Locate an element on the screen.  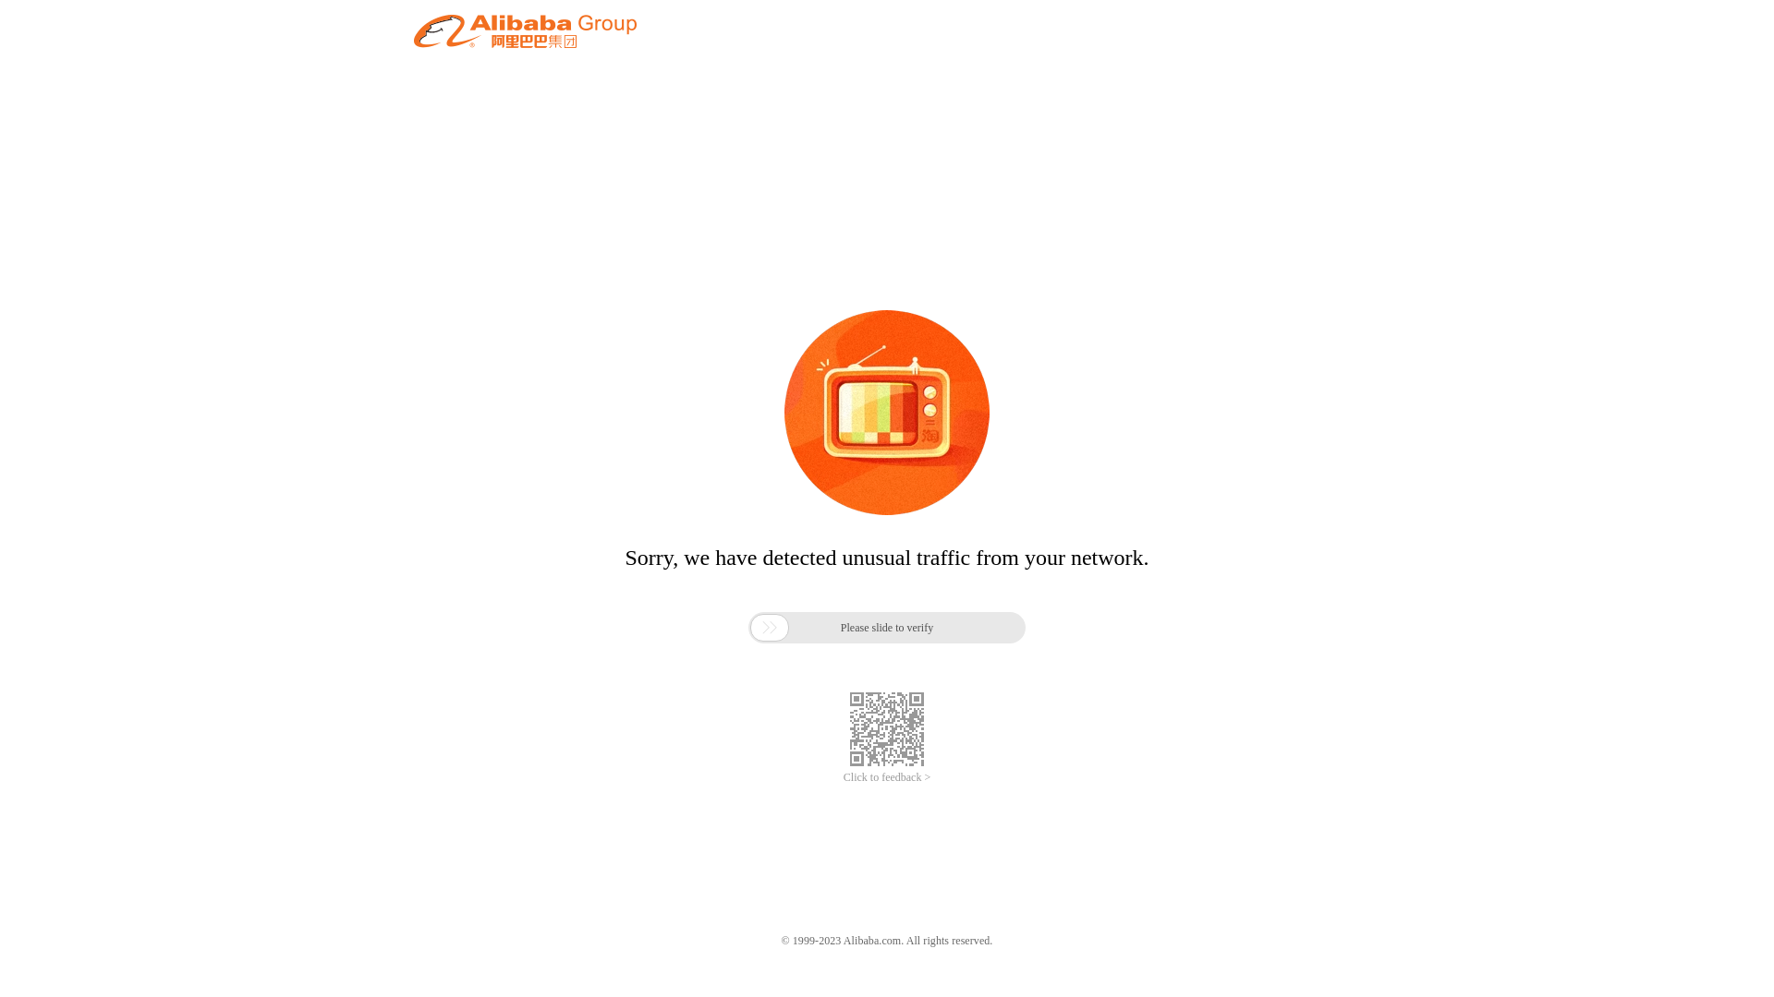
'Click to feedback >' is located at coordinates (887, 777).